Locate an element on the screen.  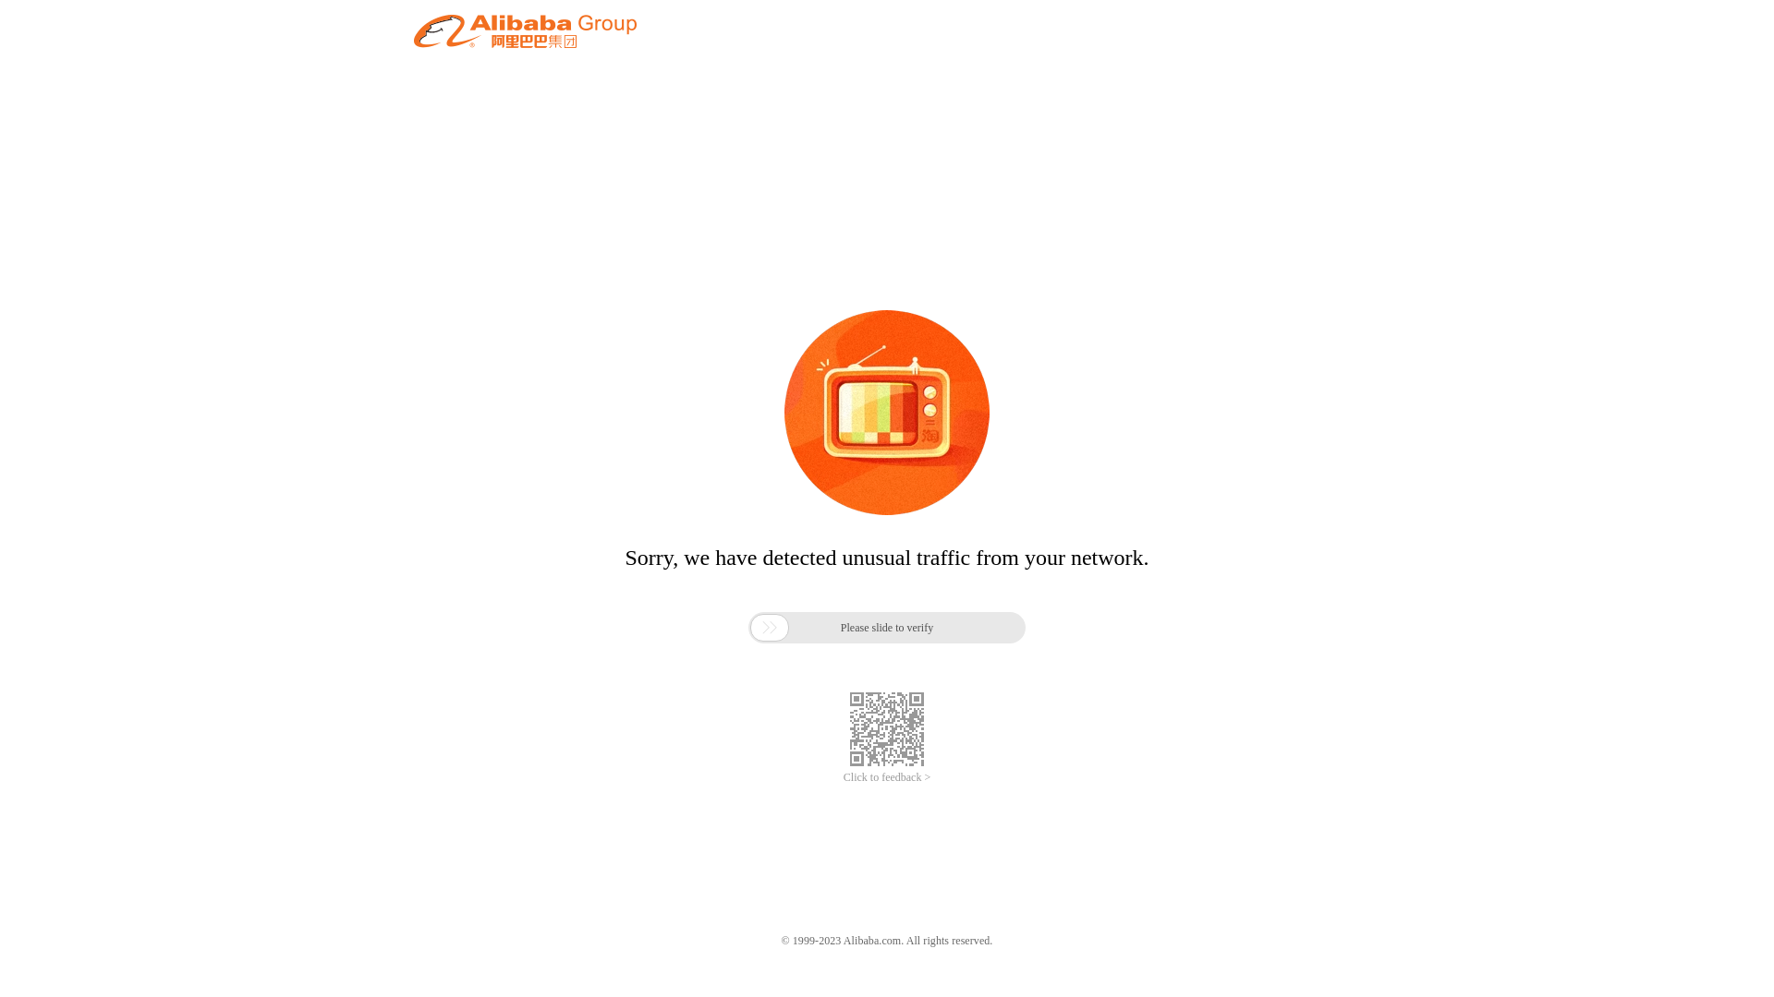
'Click to feedback >' is located at coordinates (887, 777).